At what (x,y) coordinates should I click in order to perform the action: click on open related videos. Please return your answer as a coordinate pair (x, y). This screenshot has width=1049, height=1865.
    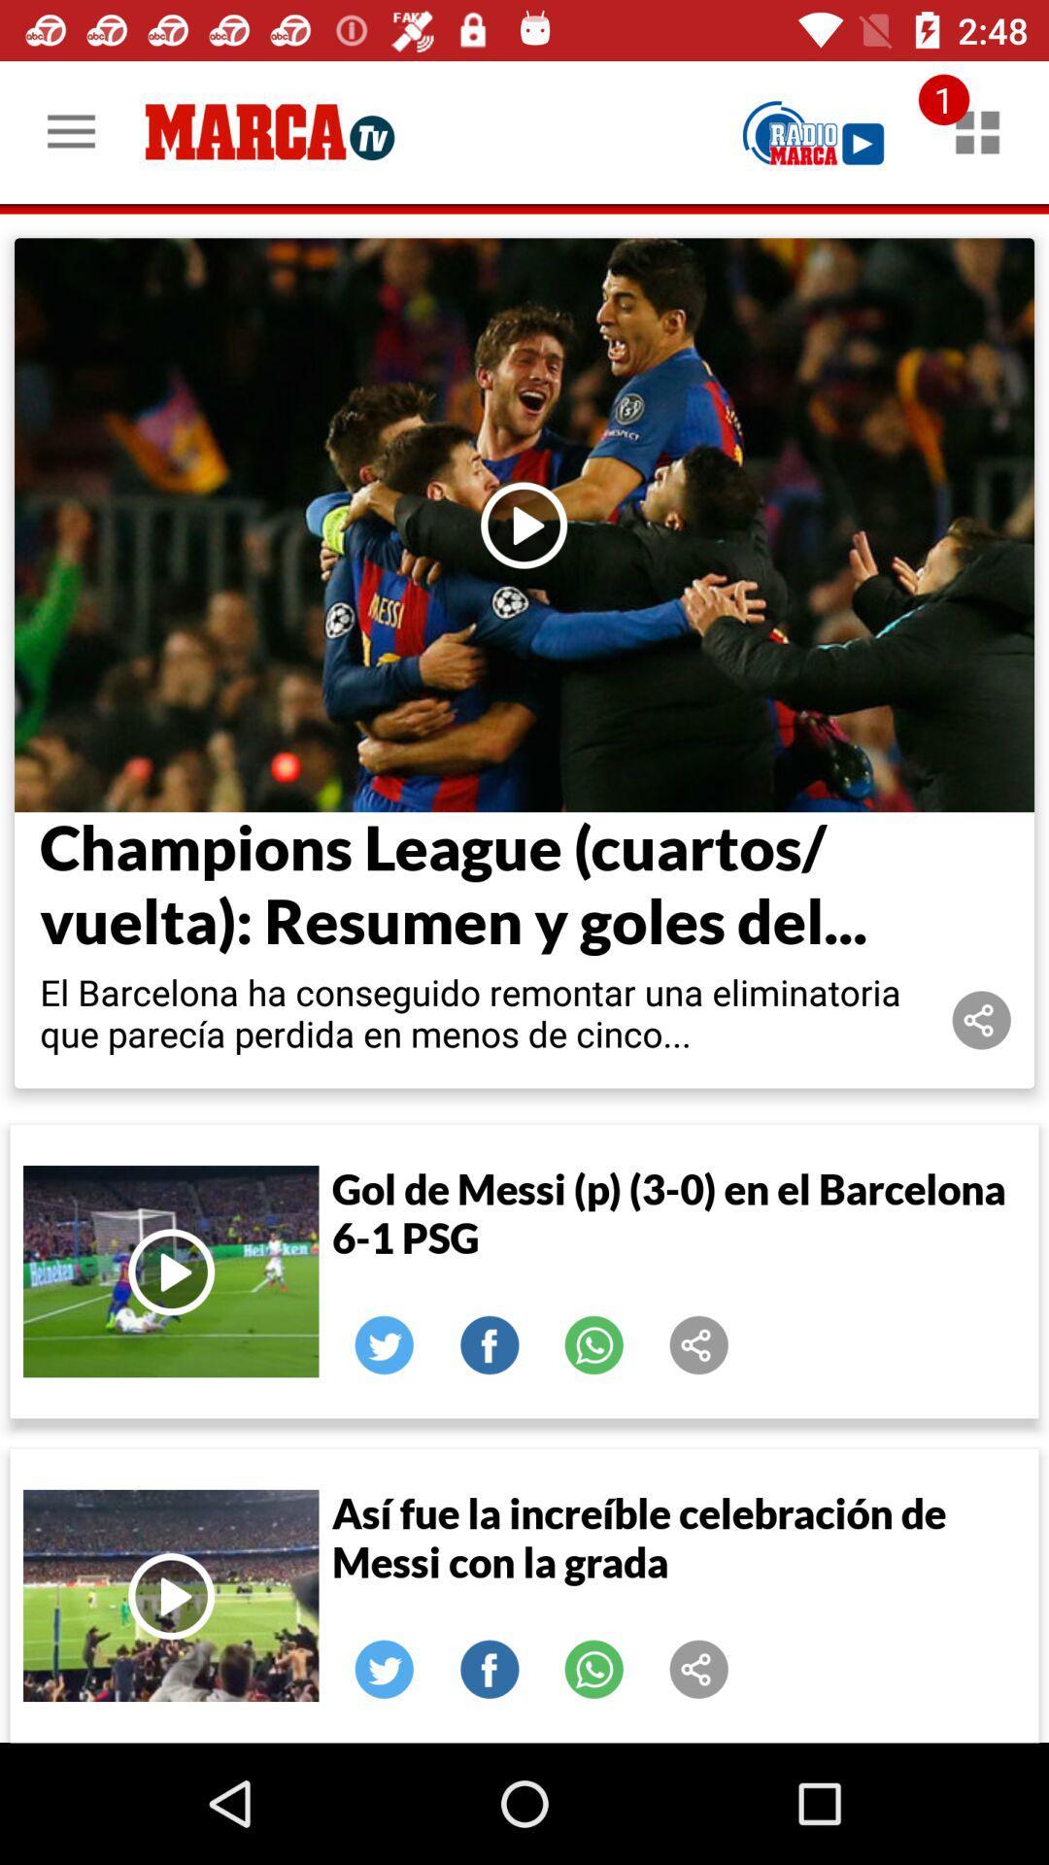
    Looking at the image, I should click on (977, 131).